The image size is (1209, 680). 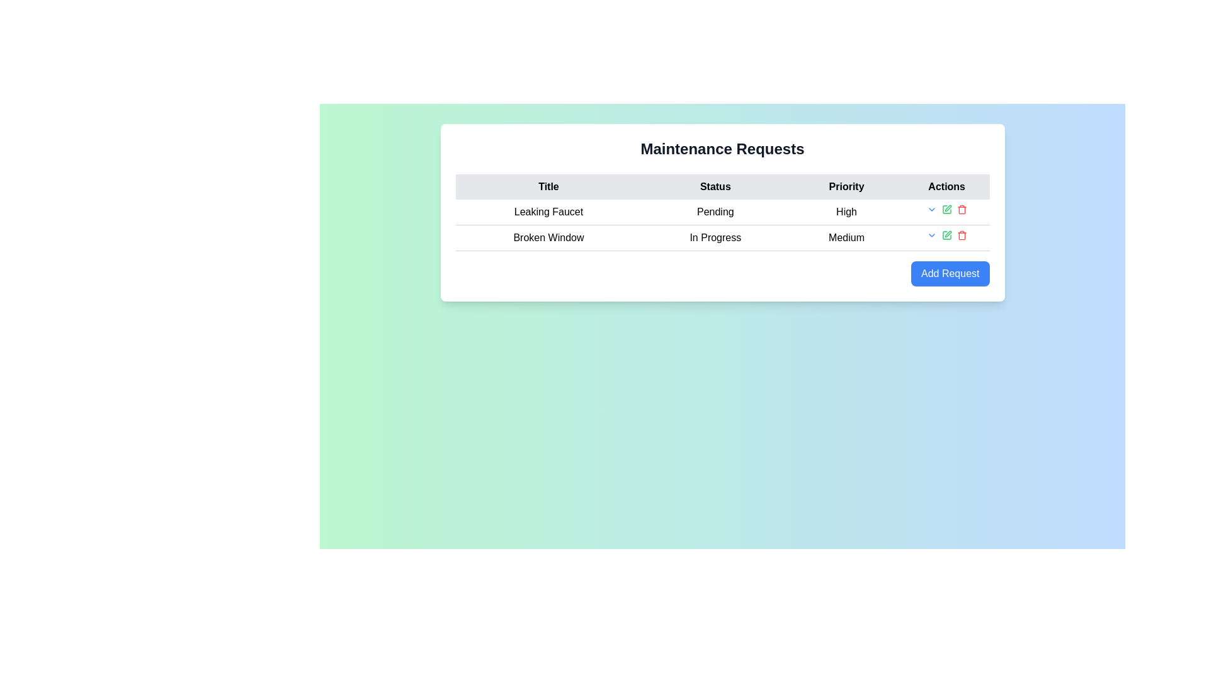 I want to click on the Text Label displaying 'Leaking Faucet' located in the first row of the table under the 'Title' column, positioned to the left of 'Pending' and 'High', so click(x=548, y=212).